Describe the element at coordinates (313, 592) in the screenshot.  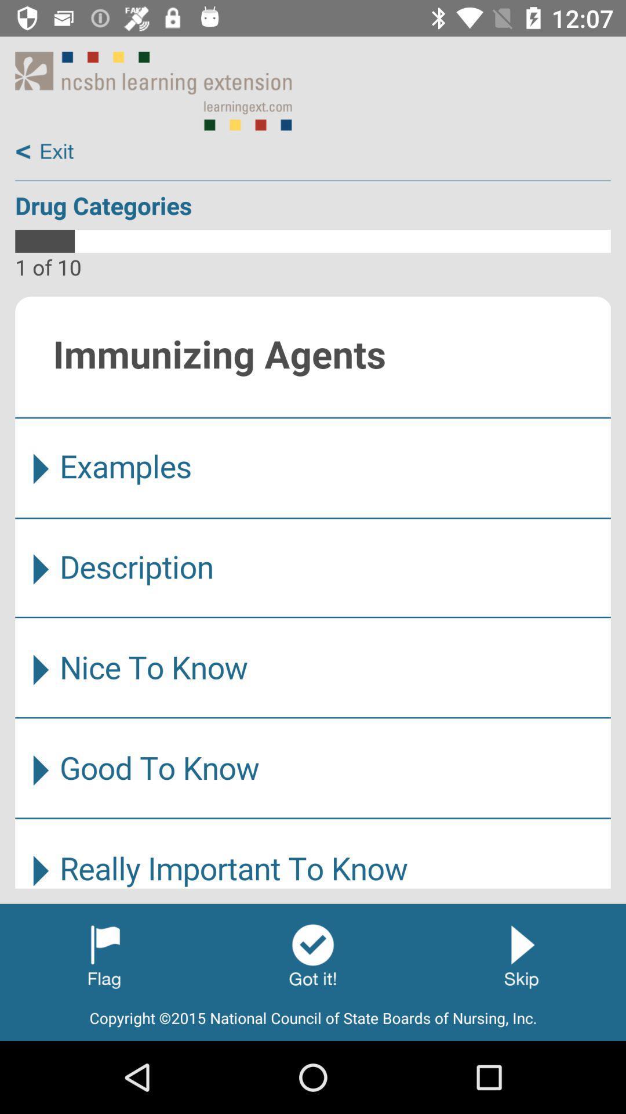
I see `menu option` at that location.